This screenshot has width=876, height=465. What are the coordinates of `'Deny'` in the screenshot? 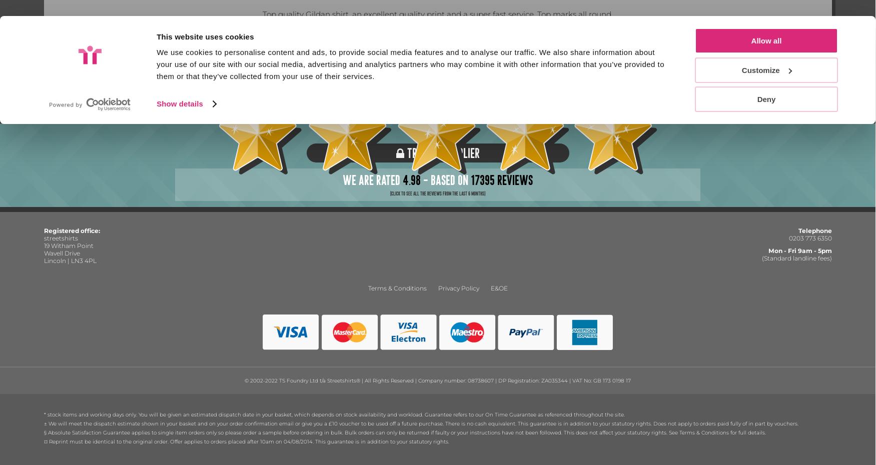 It's located at (757, 45).